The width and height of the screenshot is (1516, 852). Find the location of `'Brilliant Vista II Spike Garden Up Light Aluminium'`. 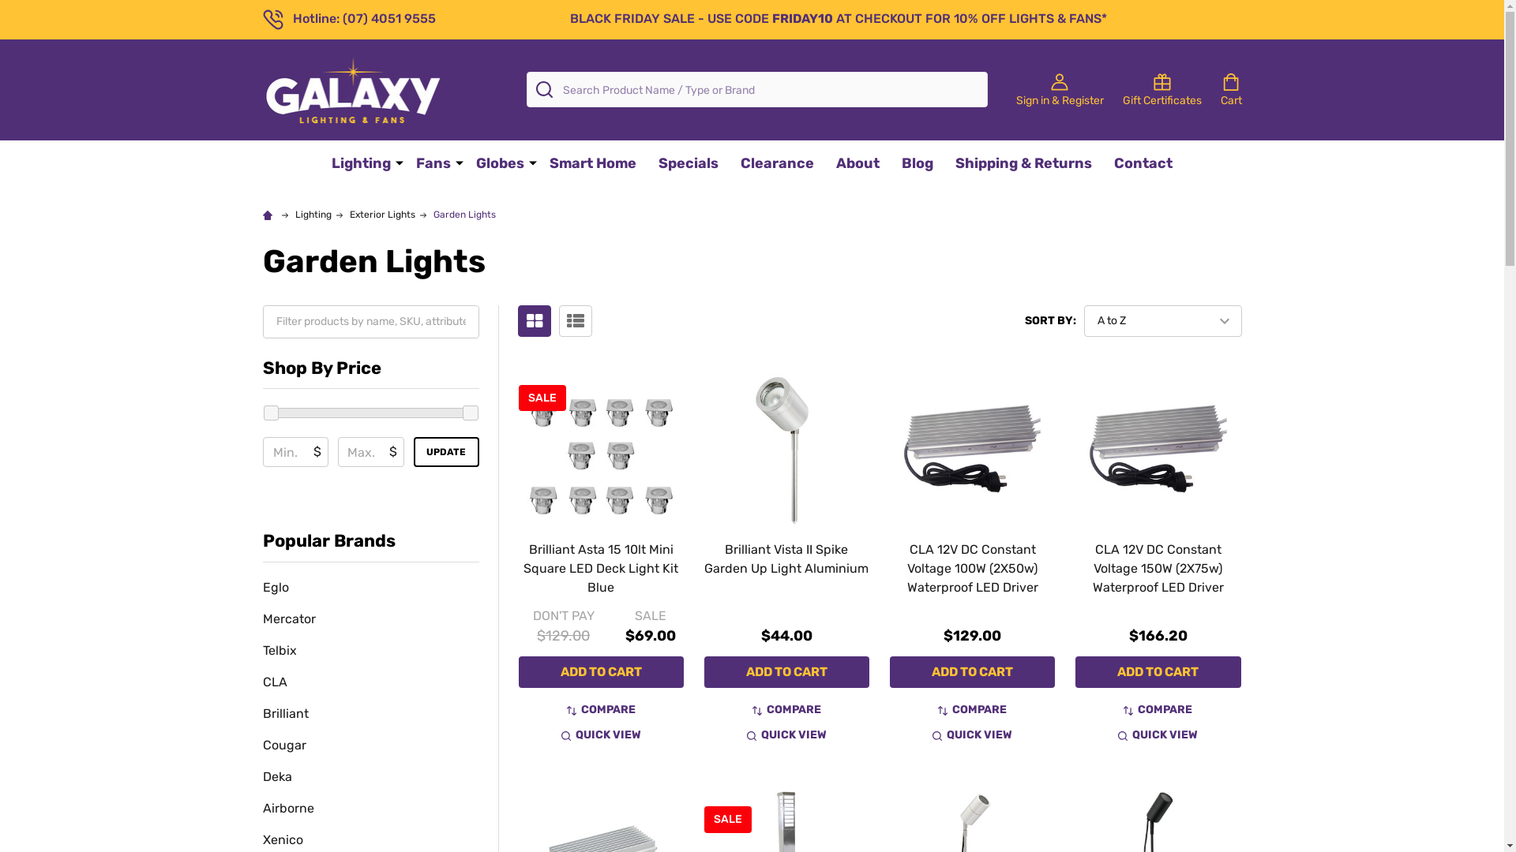

'Brilliant Vista II Spike Garden Up Light Aluminium' is located at coordinates (786, 558).